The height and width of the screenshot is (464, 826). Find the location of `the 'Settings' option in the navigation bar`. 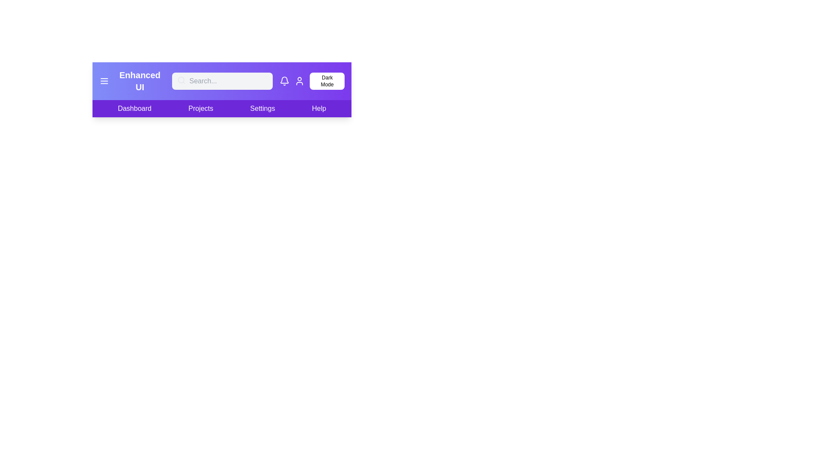

the 'Settings' option in the navigation bar is located at coordinates (262, 108).